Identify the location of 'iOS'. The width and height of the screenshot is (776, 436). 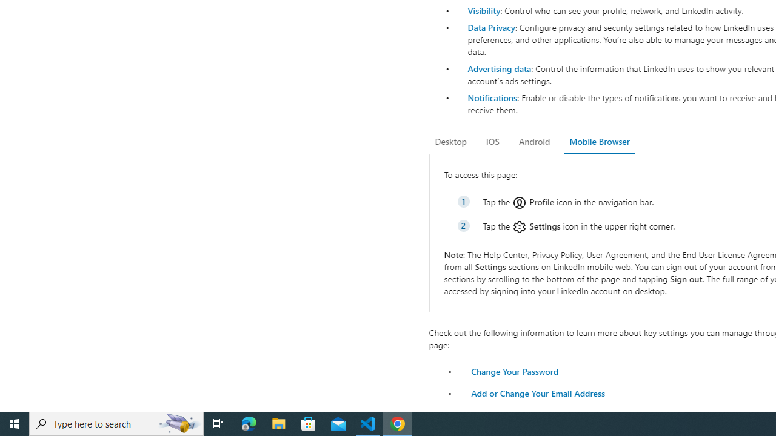
(492, 141).